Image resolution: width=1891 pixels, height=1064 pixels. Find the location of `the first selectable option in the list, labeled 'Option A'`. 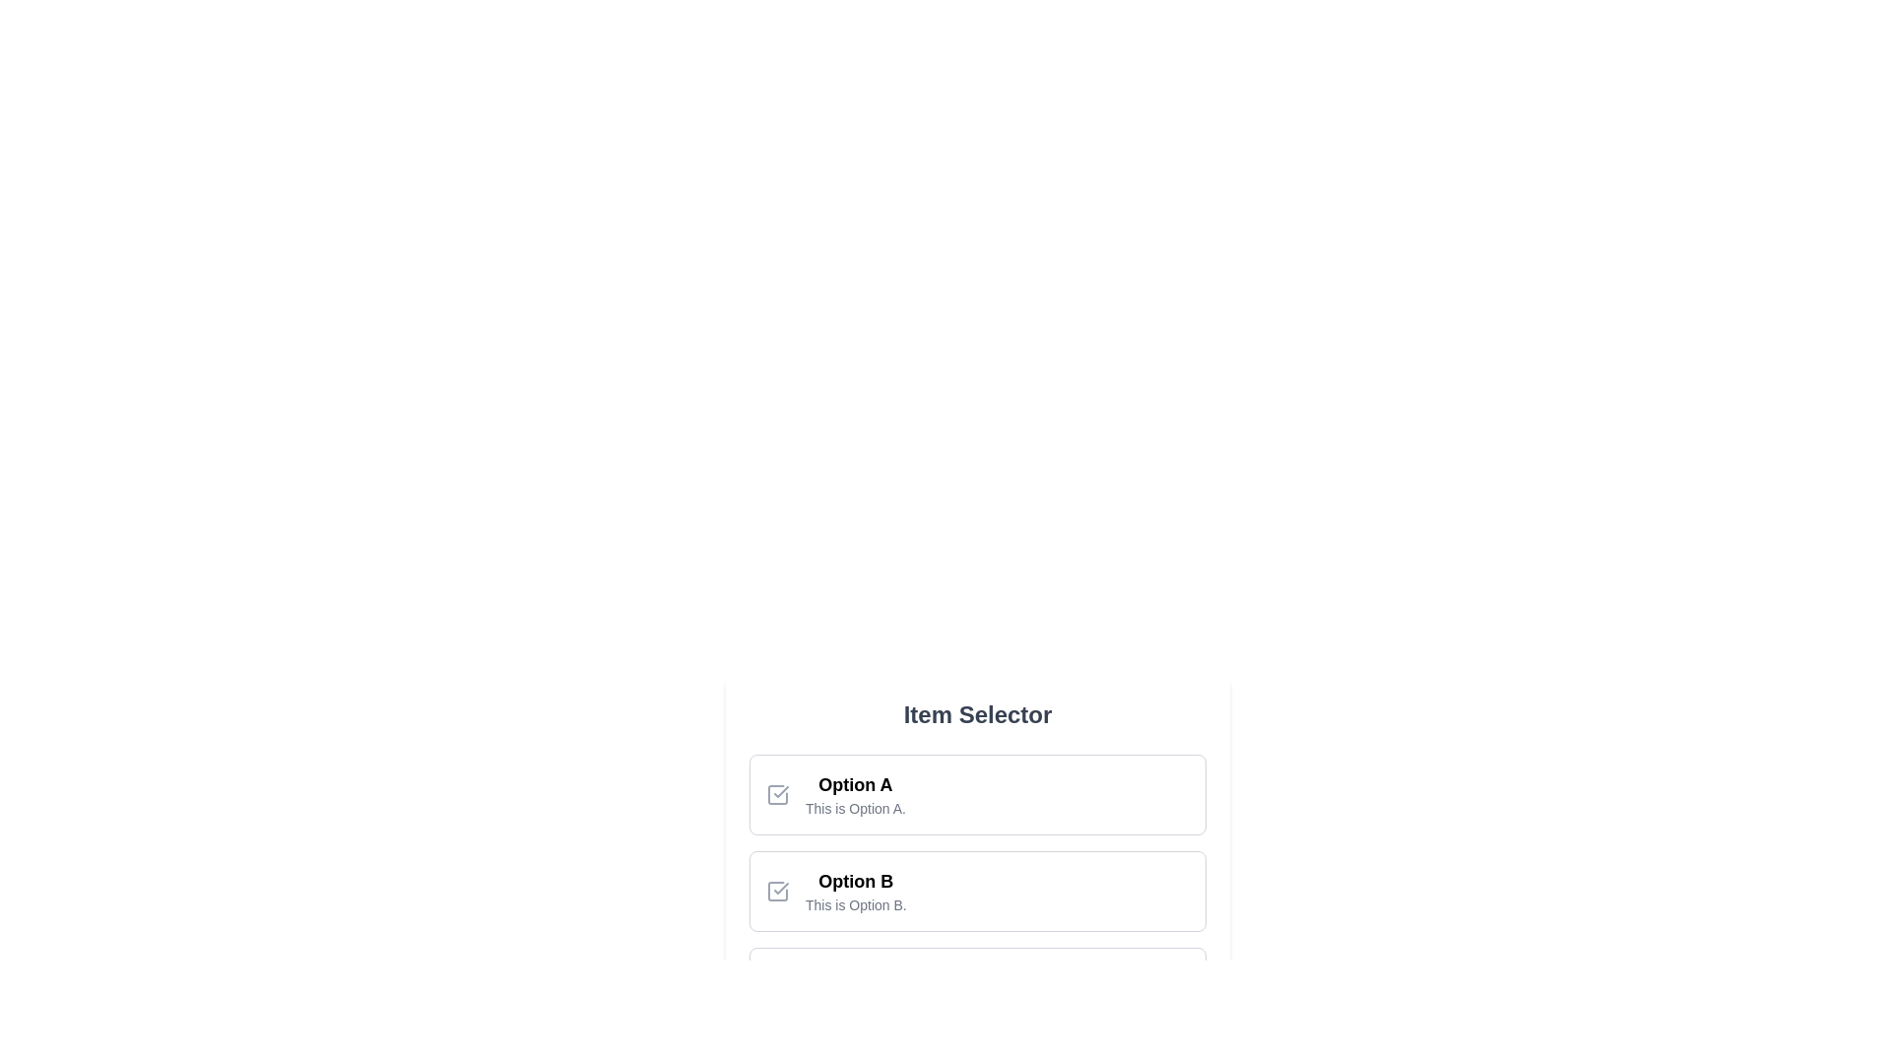

the first selectable option in the list, labeled 'Option A' is located at coordinates (978, 793).